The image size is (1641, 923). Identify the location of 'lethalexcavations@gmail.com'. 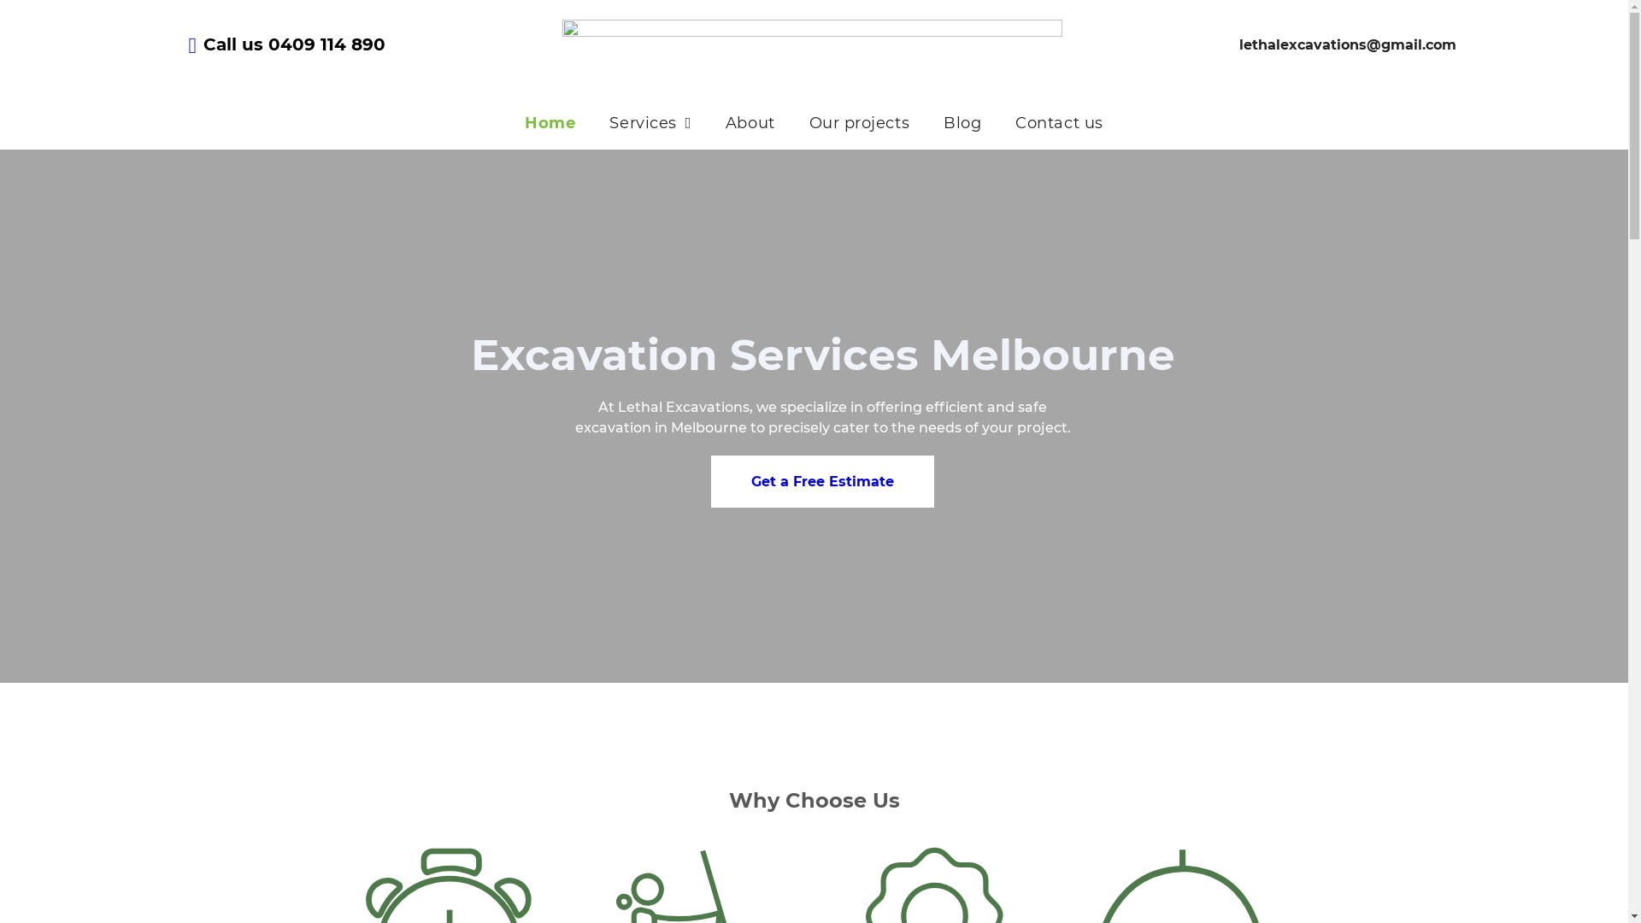
(1347, 43).